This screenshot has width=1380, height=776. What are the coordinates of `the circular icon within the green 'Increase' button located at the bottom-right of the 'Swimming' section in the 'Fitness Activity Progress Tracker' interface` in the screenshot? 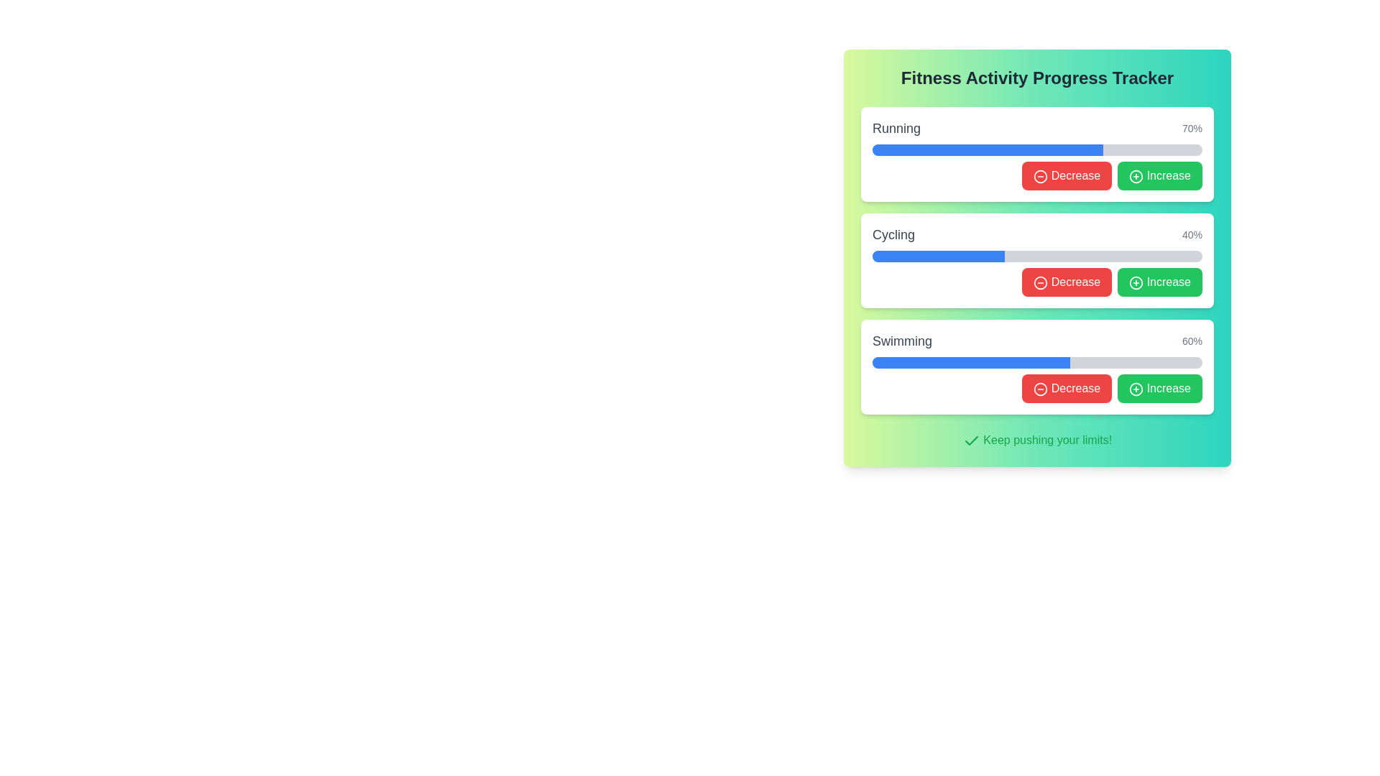 It's located at (1136, 389).